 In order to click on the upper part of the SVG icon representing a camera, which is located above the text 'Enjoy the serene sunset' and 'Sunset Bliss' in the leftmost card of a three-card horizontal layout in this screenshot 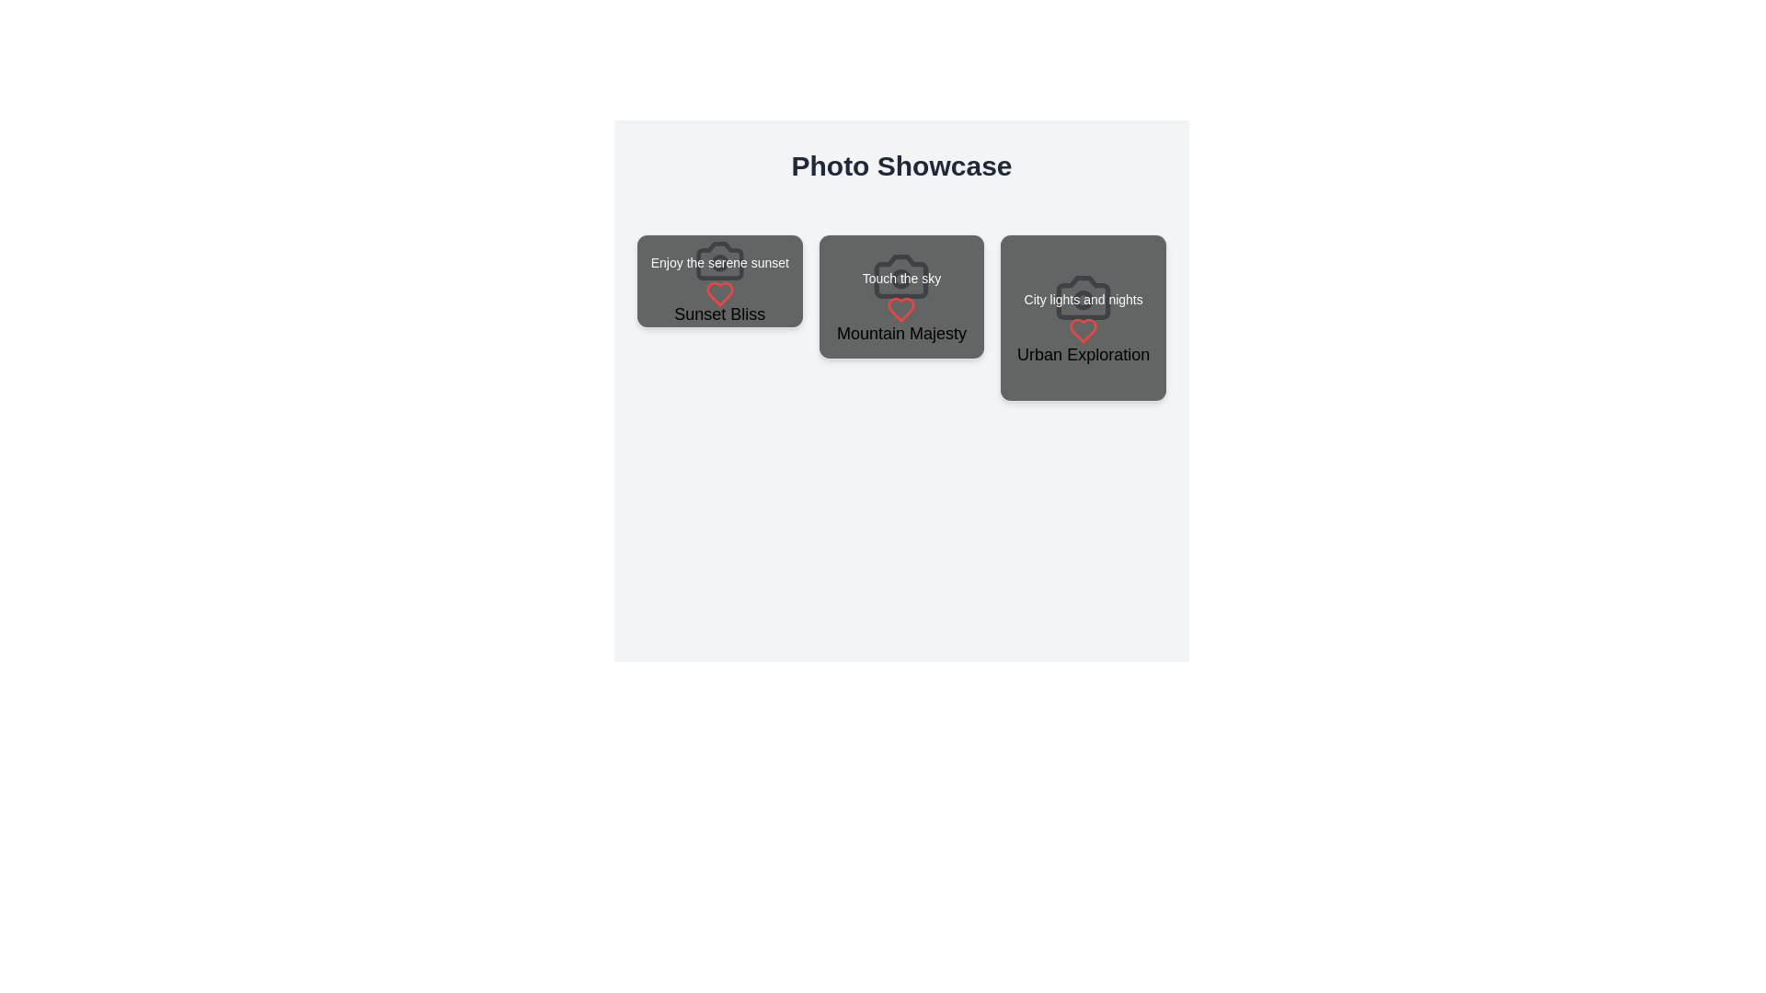, I will do `click(718, 261)`.